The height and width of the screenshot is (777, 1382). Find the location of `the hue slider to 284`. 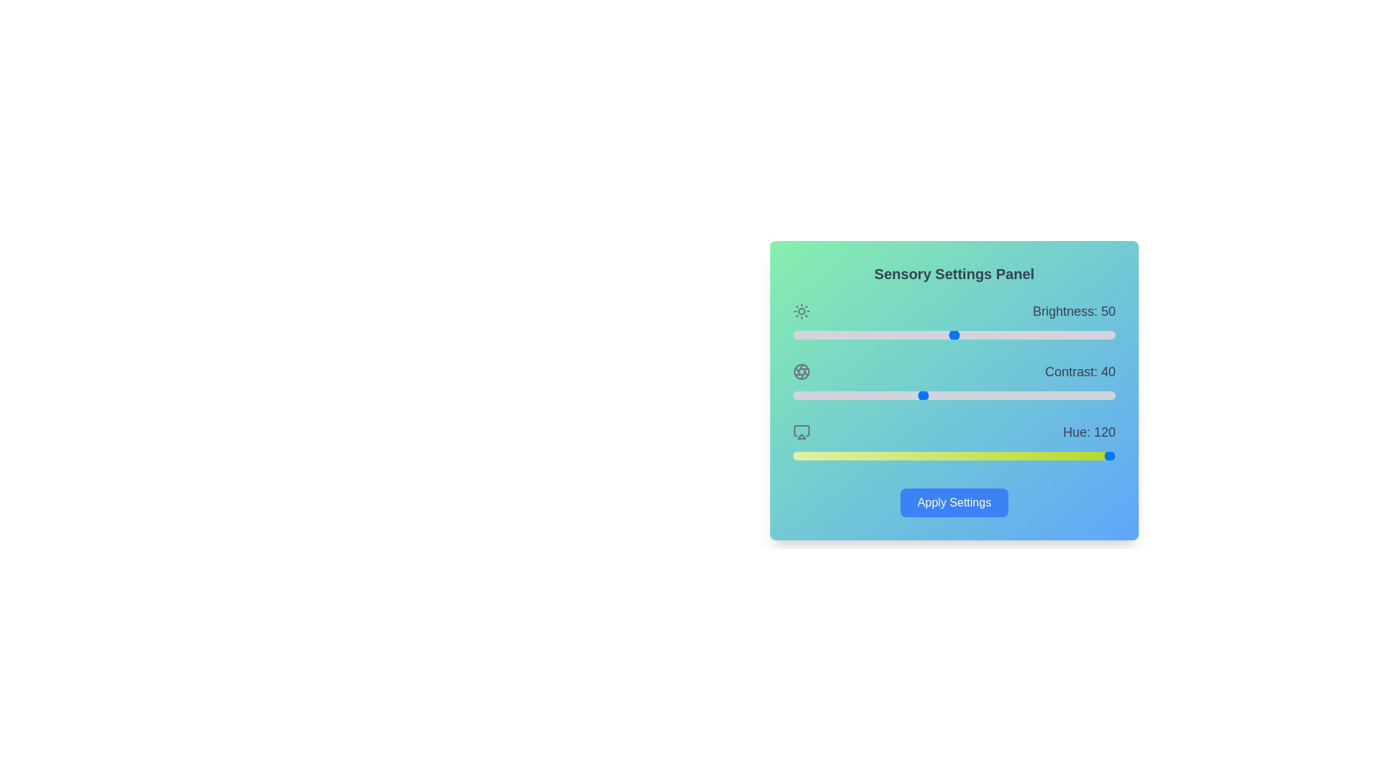

the hue slider to 284 is located at coordinates (1047, 455).